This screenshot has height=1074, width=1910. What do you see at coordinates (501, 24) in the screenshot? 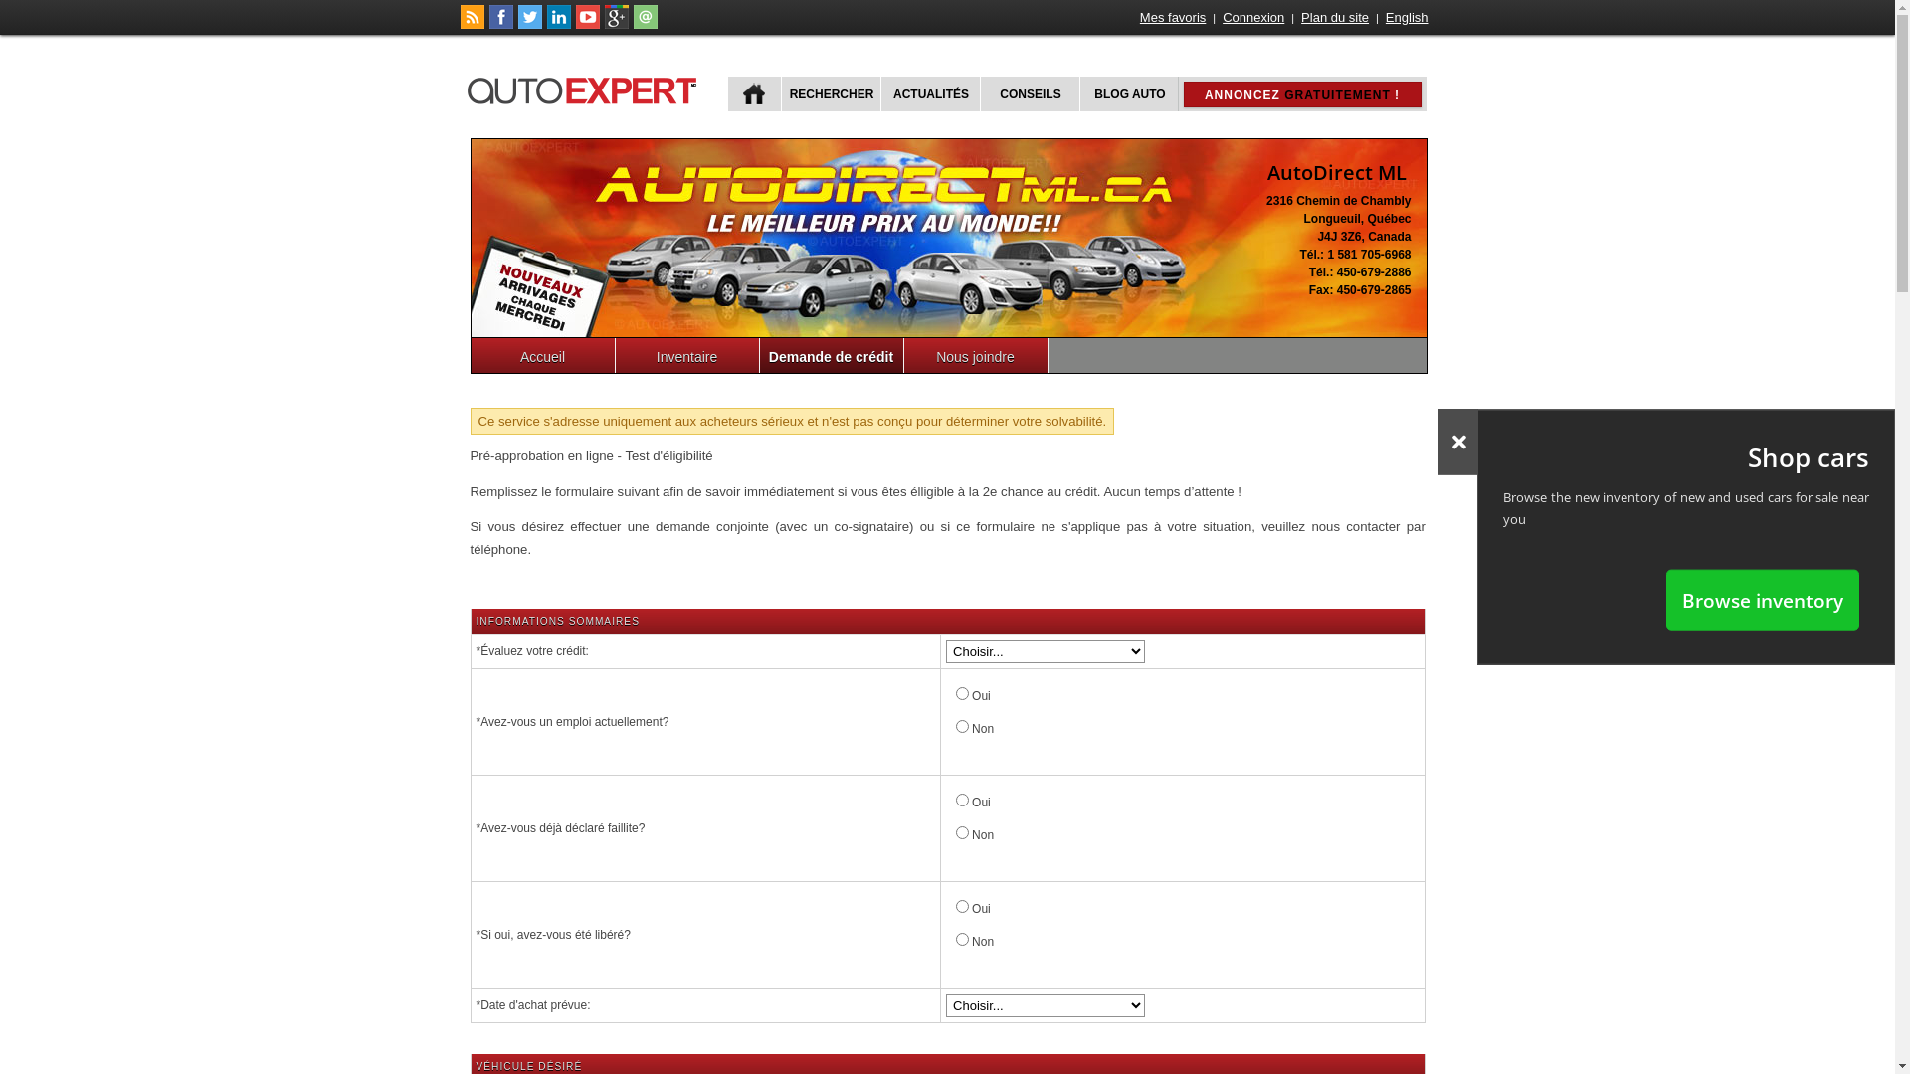
I see `'Suivez autoExpert.ca sur Facebook'` at bounding box center [501, 24].